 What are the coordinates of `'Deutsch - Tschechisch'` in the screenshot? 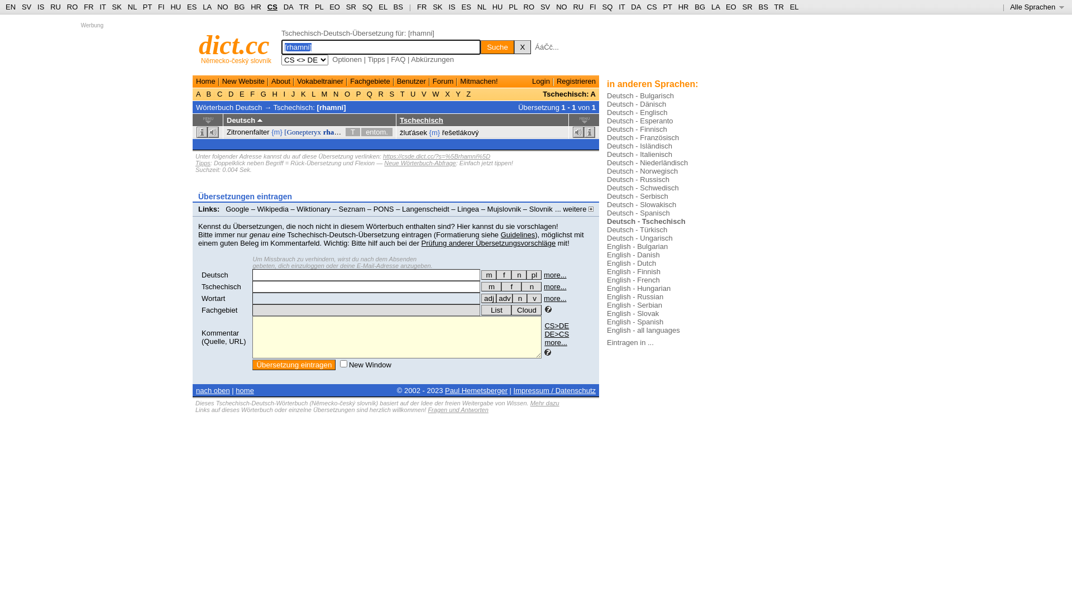 It's located at (646, 221).